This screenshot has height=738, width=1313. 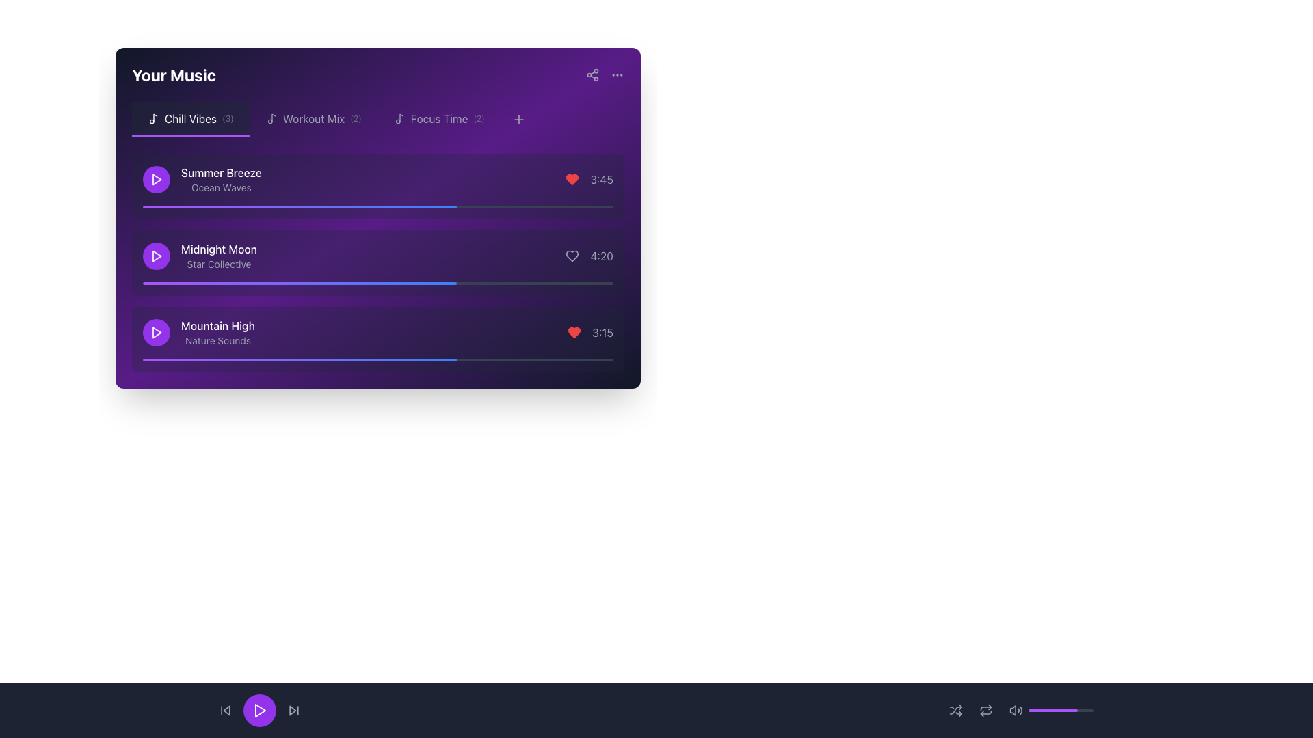 I want to click on the progress bar, so click(x=406, y=283).